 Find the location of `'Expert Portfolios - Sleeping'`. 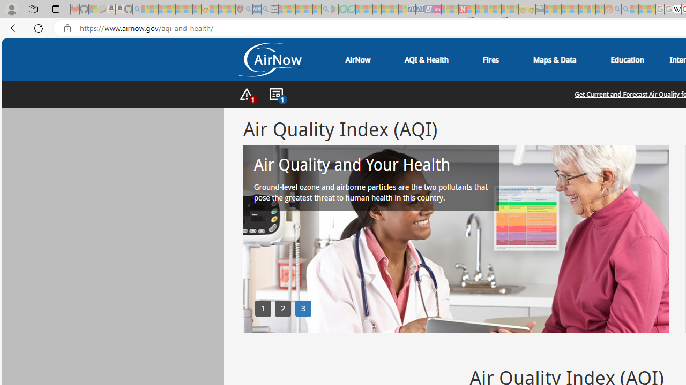

'Expert Portfolios - Sleeping' is located at coordinates (573, 9).